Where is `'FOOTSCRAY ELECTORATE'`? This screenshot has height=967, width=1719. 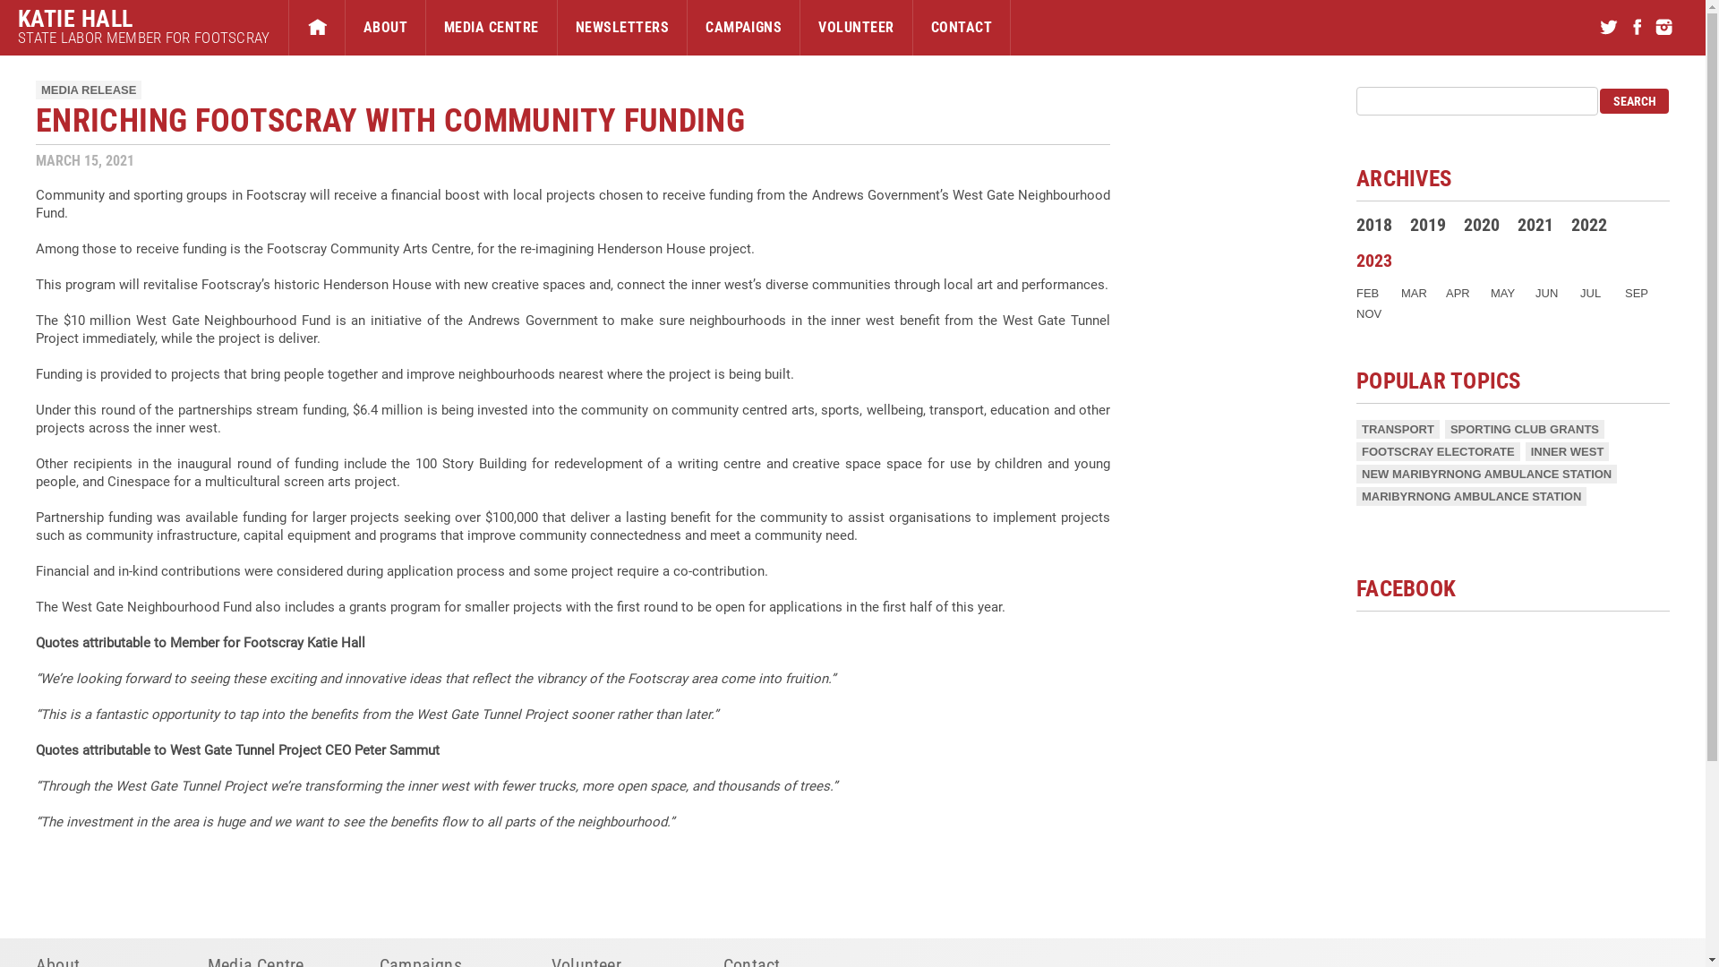
'FOOTSCRAY ELECTORATE' is located at coordinates (1438, 450).